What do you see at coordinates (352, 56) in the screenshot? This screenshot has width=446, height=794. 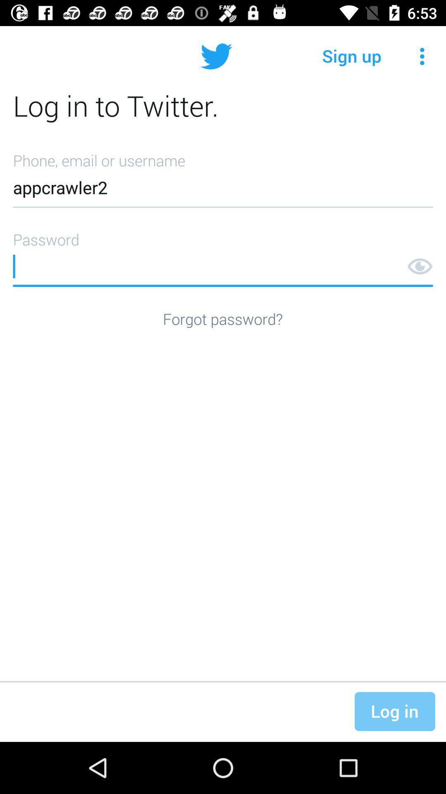 I see `the sign up` at bounding box center [352, 56].